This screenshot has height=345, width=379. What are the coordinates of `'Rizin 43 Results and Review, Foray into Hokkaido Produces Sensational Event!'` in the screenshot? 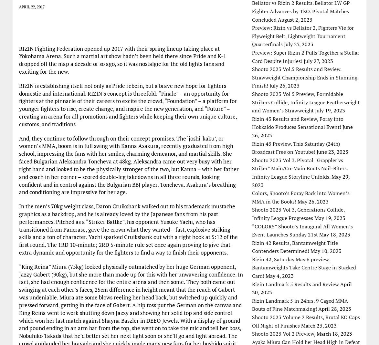 It's located at (298, 122).